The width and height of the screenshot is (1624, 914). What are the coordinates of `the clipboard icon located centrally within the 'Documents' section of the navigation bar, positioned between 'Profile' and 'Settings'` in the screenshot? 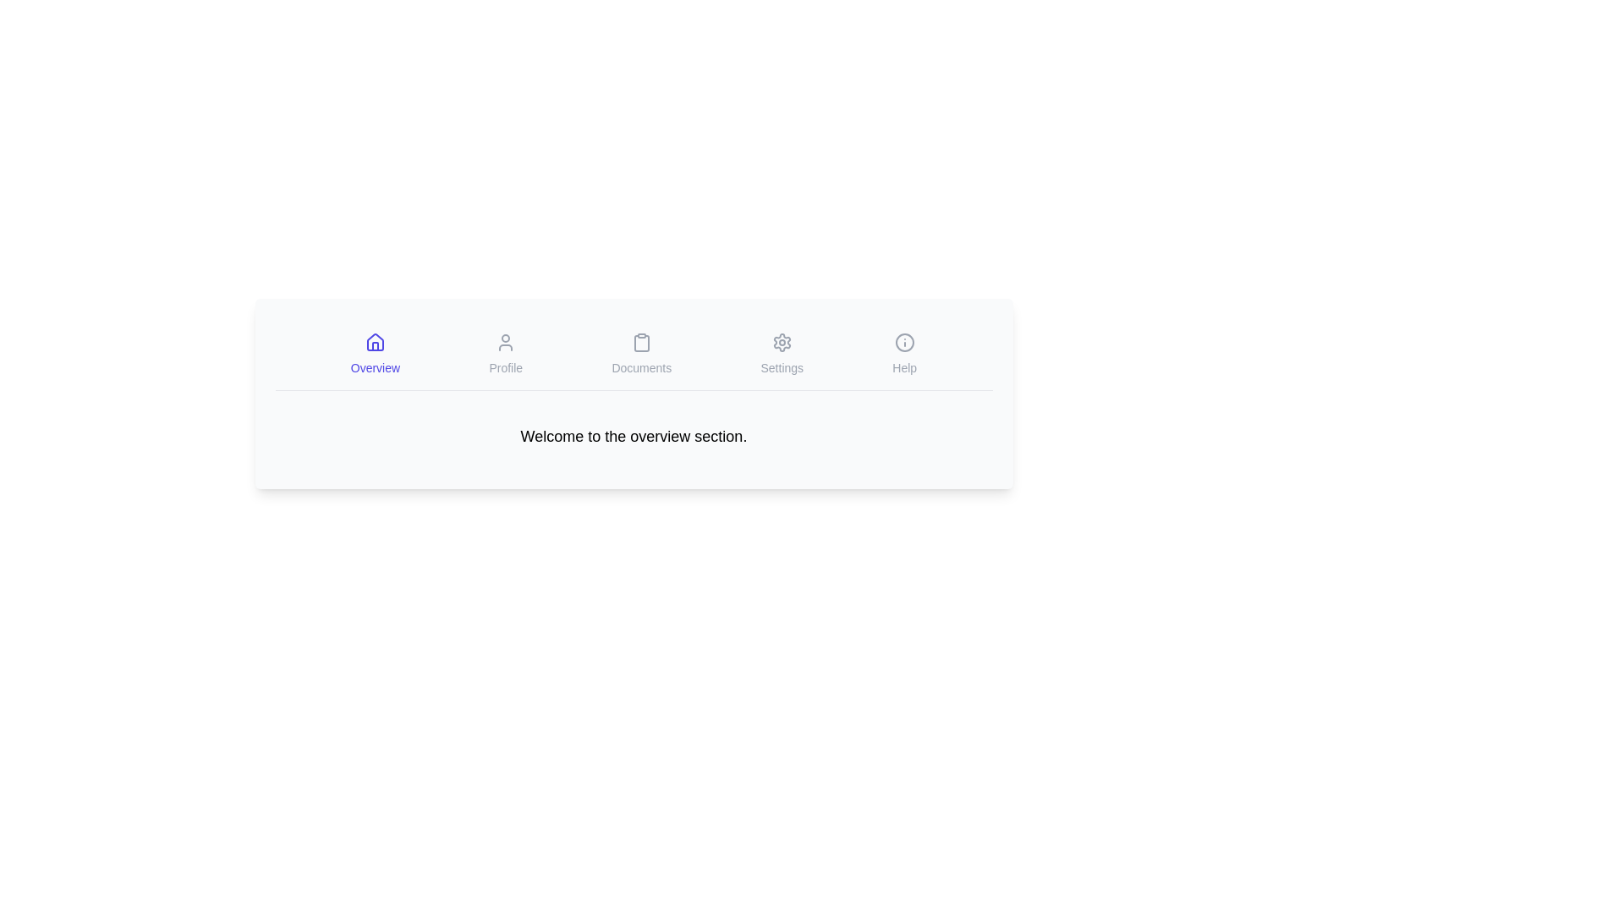 It's located at (640, 343).